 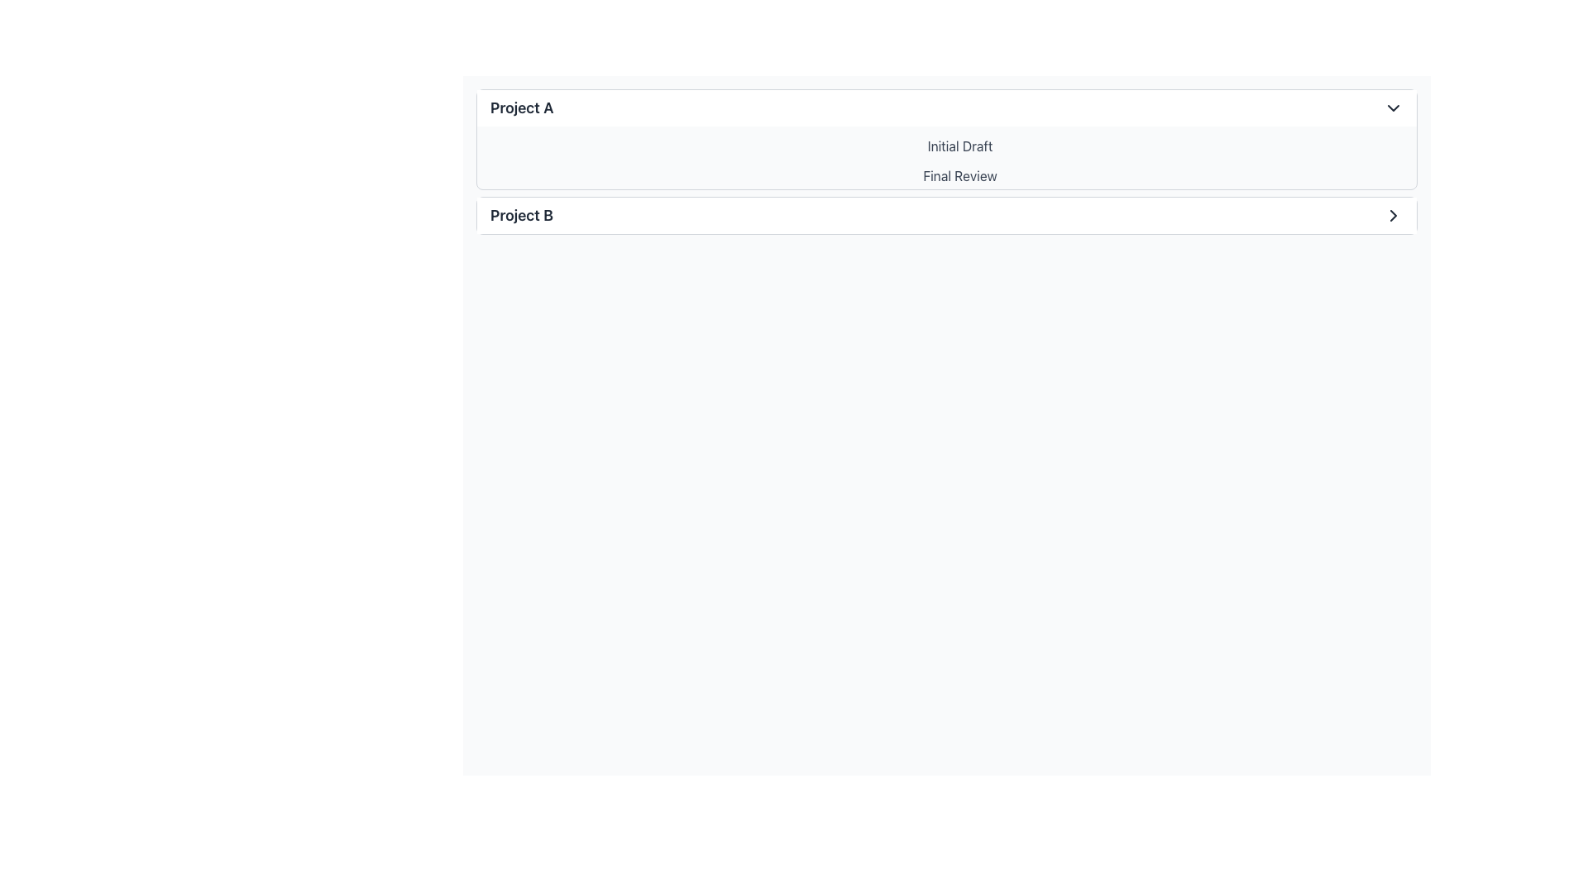 What do you see at coordinates (1392, 215) in the screenshot?
I see `the rightward-pointing chevron arrow icon located near the top-right corner of the 'Project B' listing` at bounding box center [1392, 215].